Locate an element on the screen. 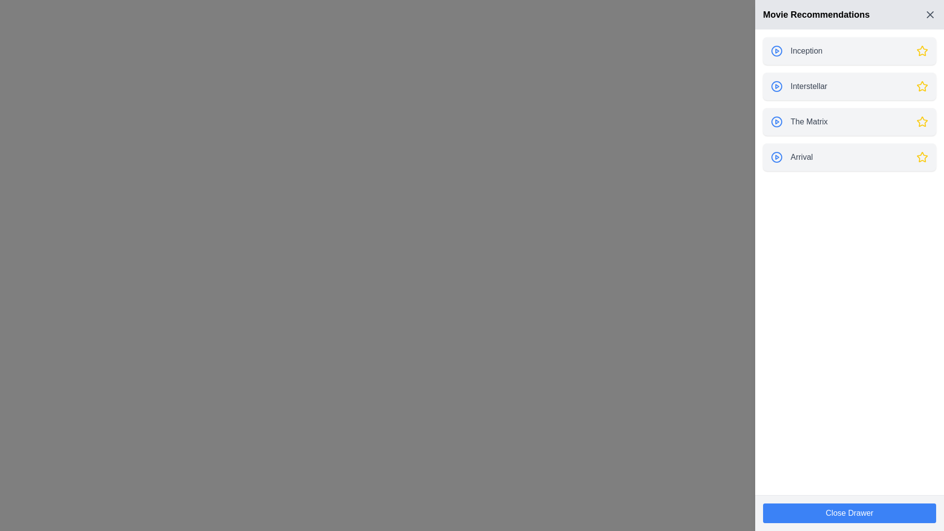  the text label element displaying 'Inception', which is located in the first row under 'Movie Recommendations' in the sidebar, with a play button icon on the left and a star icon on the right is located at coordinates (806, 51).